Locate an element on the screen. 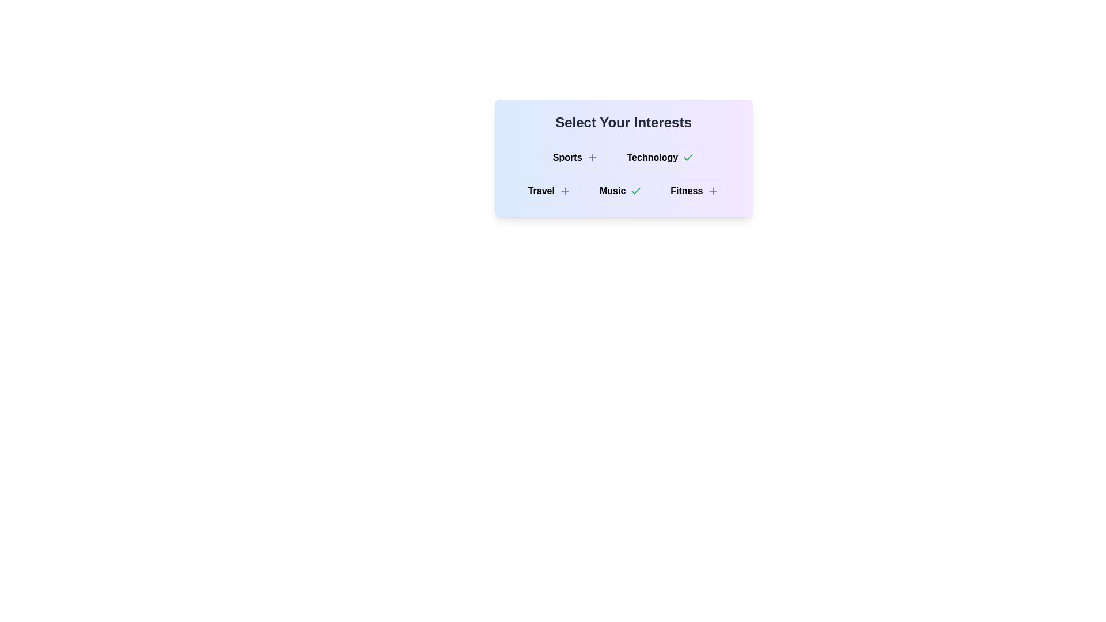 The width and height of the screenshot is (1106, 622). the button labeled Technology to observe visual changes is located at coordinates (661, 157).